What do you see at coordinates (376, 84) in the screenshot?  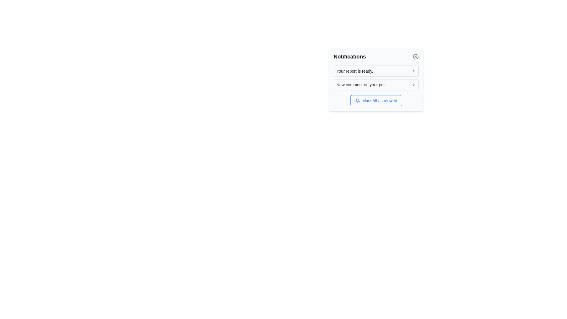 I see `the second notification item in the notifications panel that provides information about a new comment on the user's post` at bounding box center [376, 84].